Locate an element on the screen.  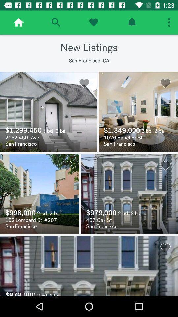
likes is located at coordinates (93, 22).